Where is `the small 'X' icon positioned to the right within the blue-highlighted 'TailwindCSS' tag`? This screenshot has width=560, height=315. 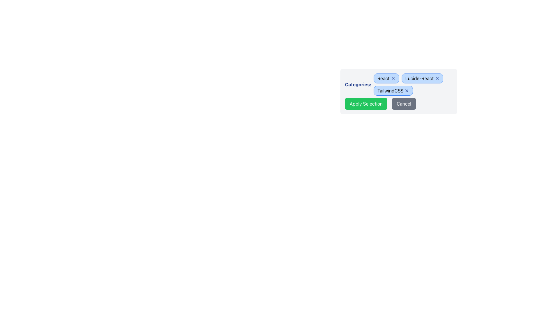 the small 'X' icon positioned to the right within the blue-highlighted 'TailwindCSS' tag is located at coordinates (407, 91).